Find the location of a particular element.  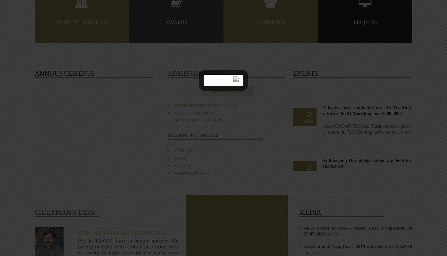

'Paavai Women Empowerment Series X 12.12.2019' is located at coordinates (358, 89).